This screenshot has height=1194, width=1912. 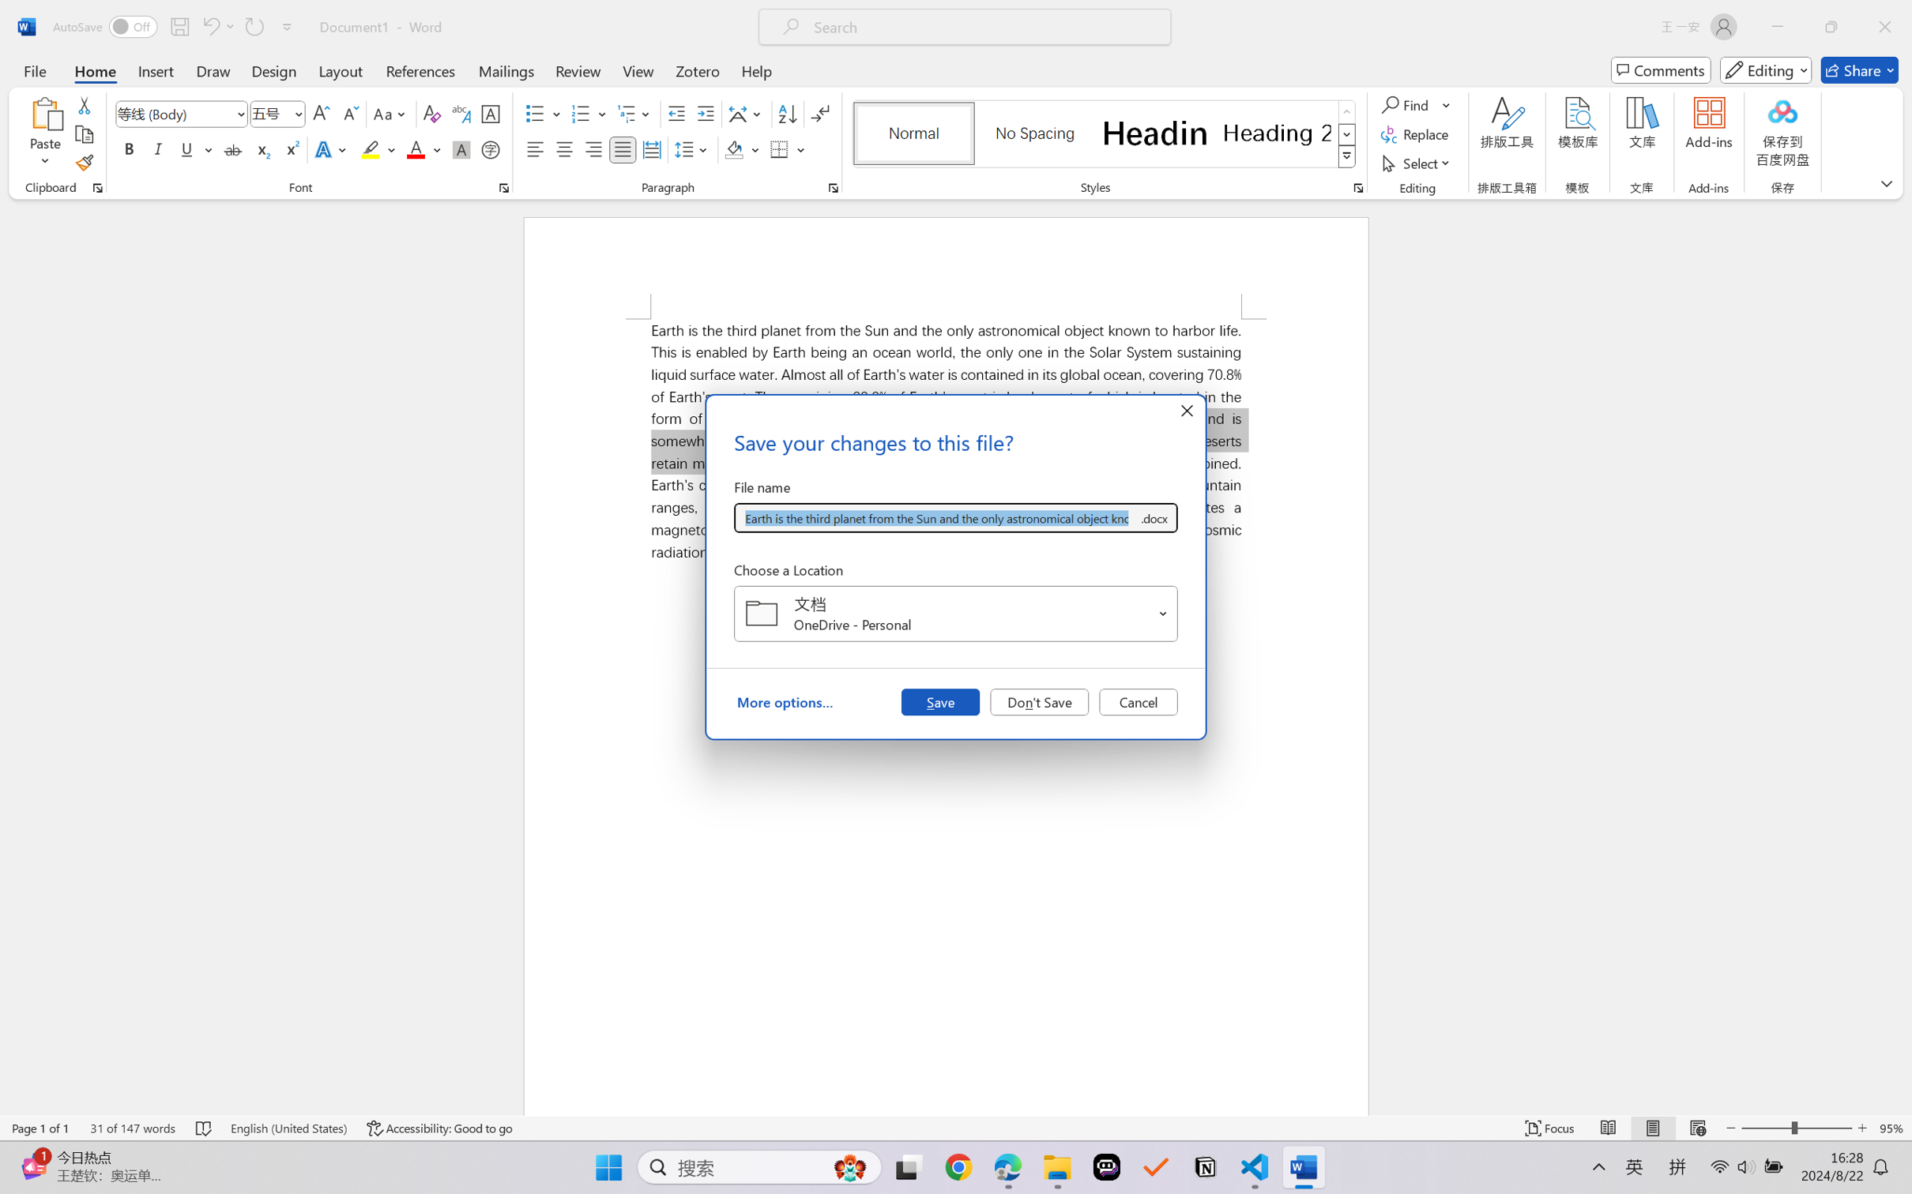 I want to click on 'Increase Indent', so click(x=705, y=114).